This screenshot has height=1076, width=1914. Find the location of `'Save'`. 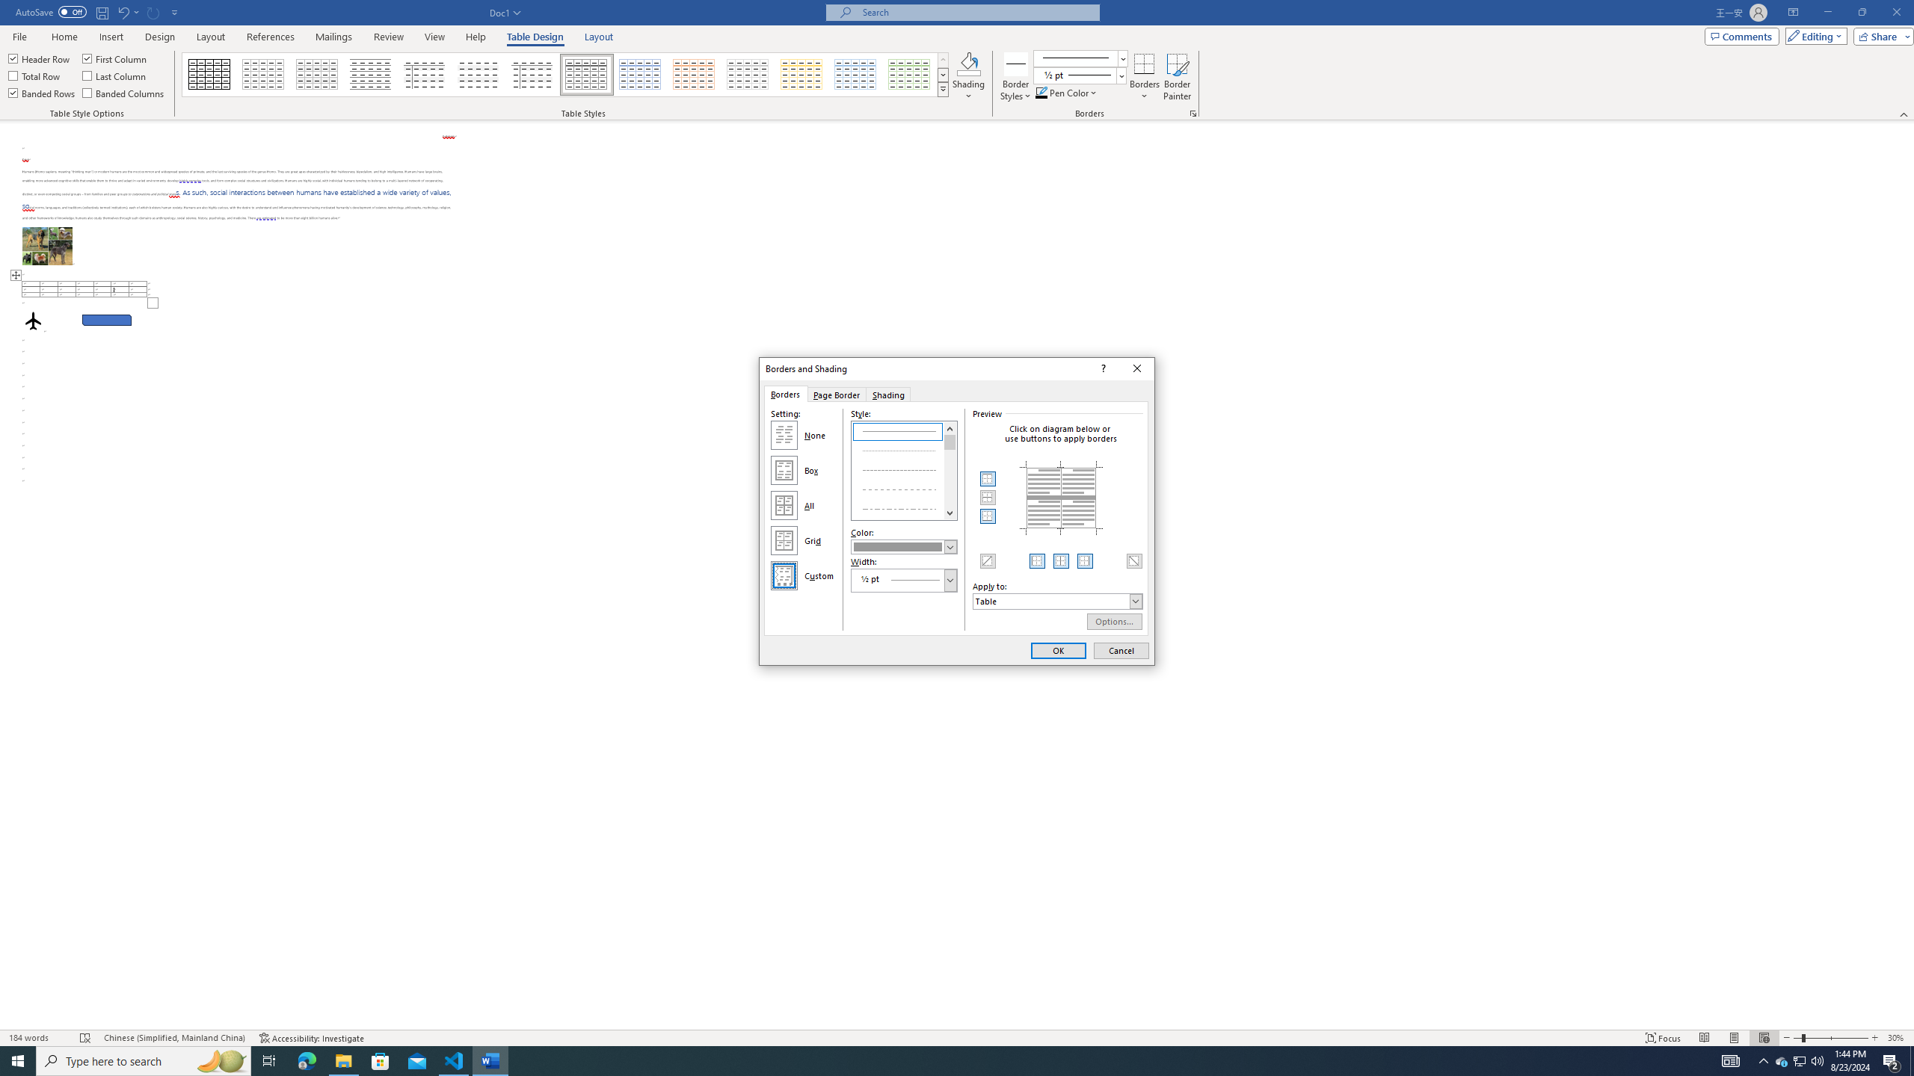

'Save' is located at coordinates (101, 11).